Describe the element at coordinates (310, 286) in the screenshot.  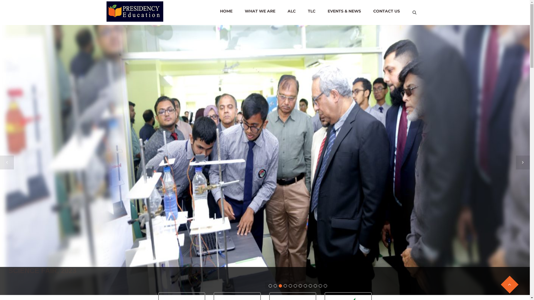
I see `'9'` at that location.